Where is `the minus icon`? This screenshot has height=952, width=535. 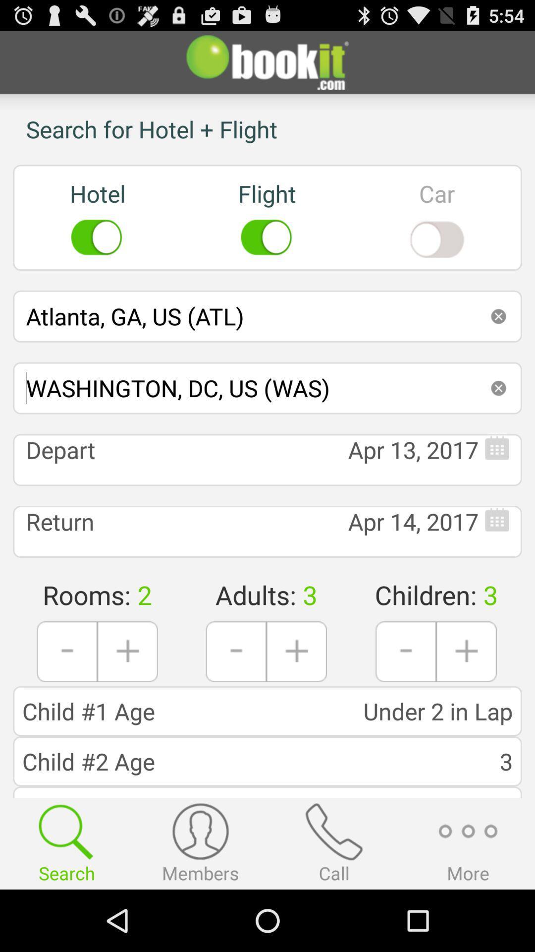 the minus icon is located at coordinates (67, 697).